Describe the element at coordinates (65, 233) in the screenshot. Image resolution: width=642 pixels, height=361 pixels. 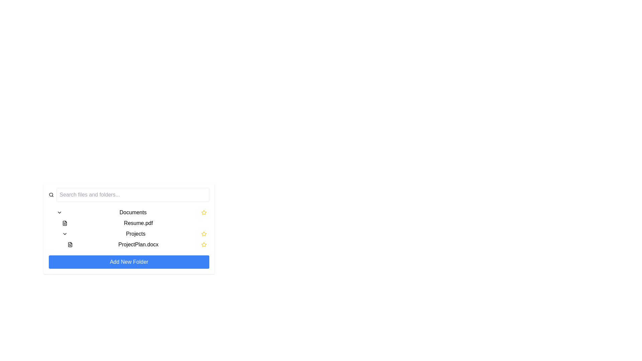
I see `the downward-pointing chevron icon located to the left of the 'Projects' text` at that location.